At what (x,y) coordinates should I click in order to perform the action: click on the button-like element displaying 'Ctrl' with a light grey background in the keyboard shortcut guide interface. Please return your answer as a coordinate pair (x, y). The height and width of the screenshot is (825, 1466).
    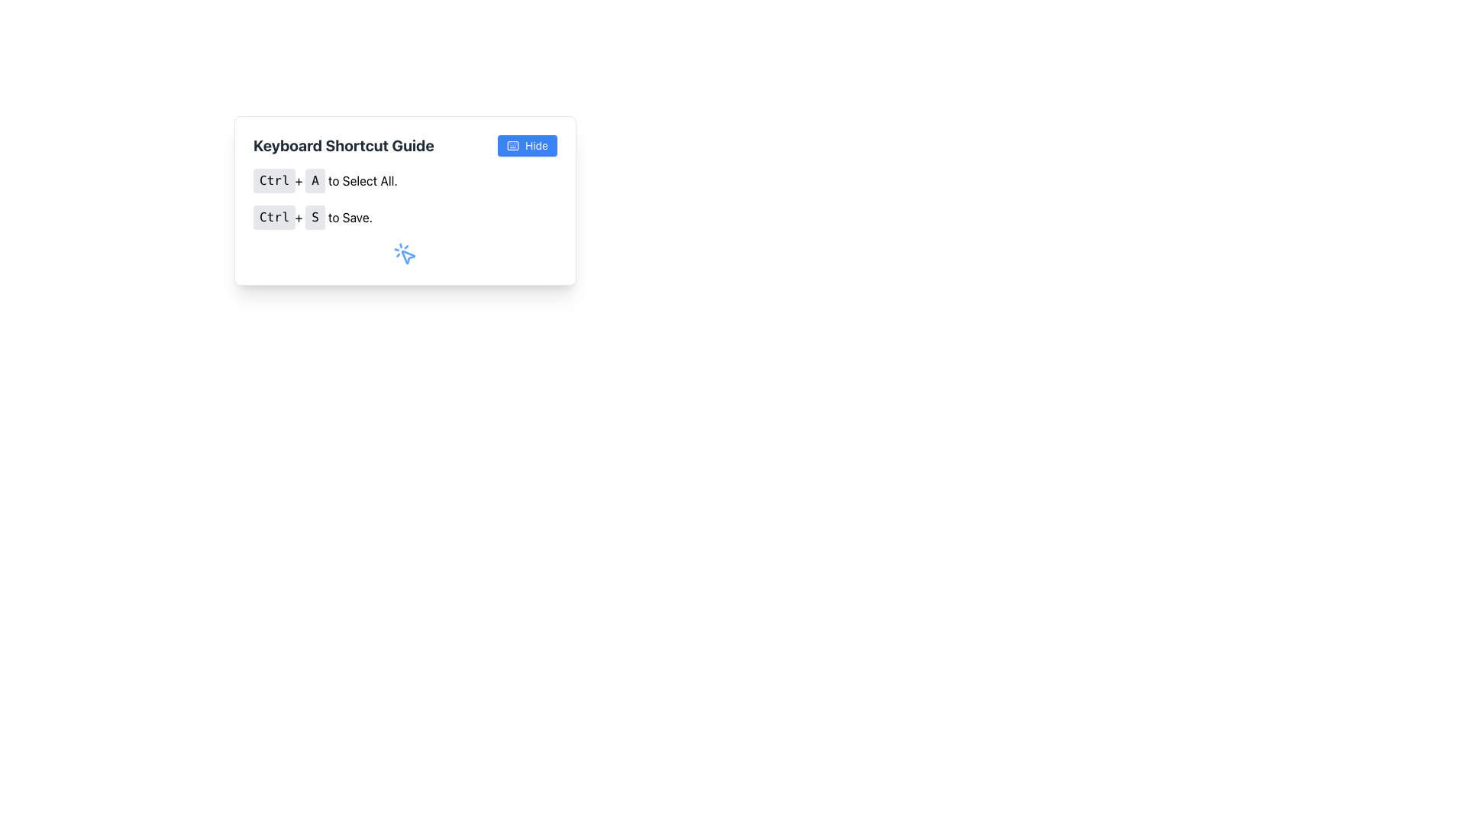
    Looking at the image, I should click on (274, 218).